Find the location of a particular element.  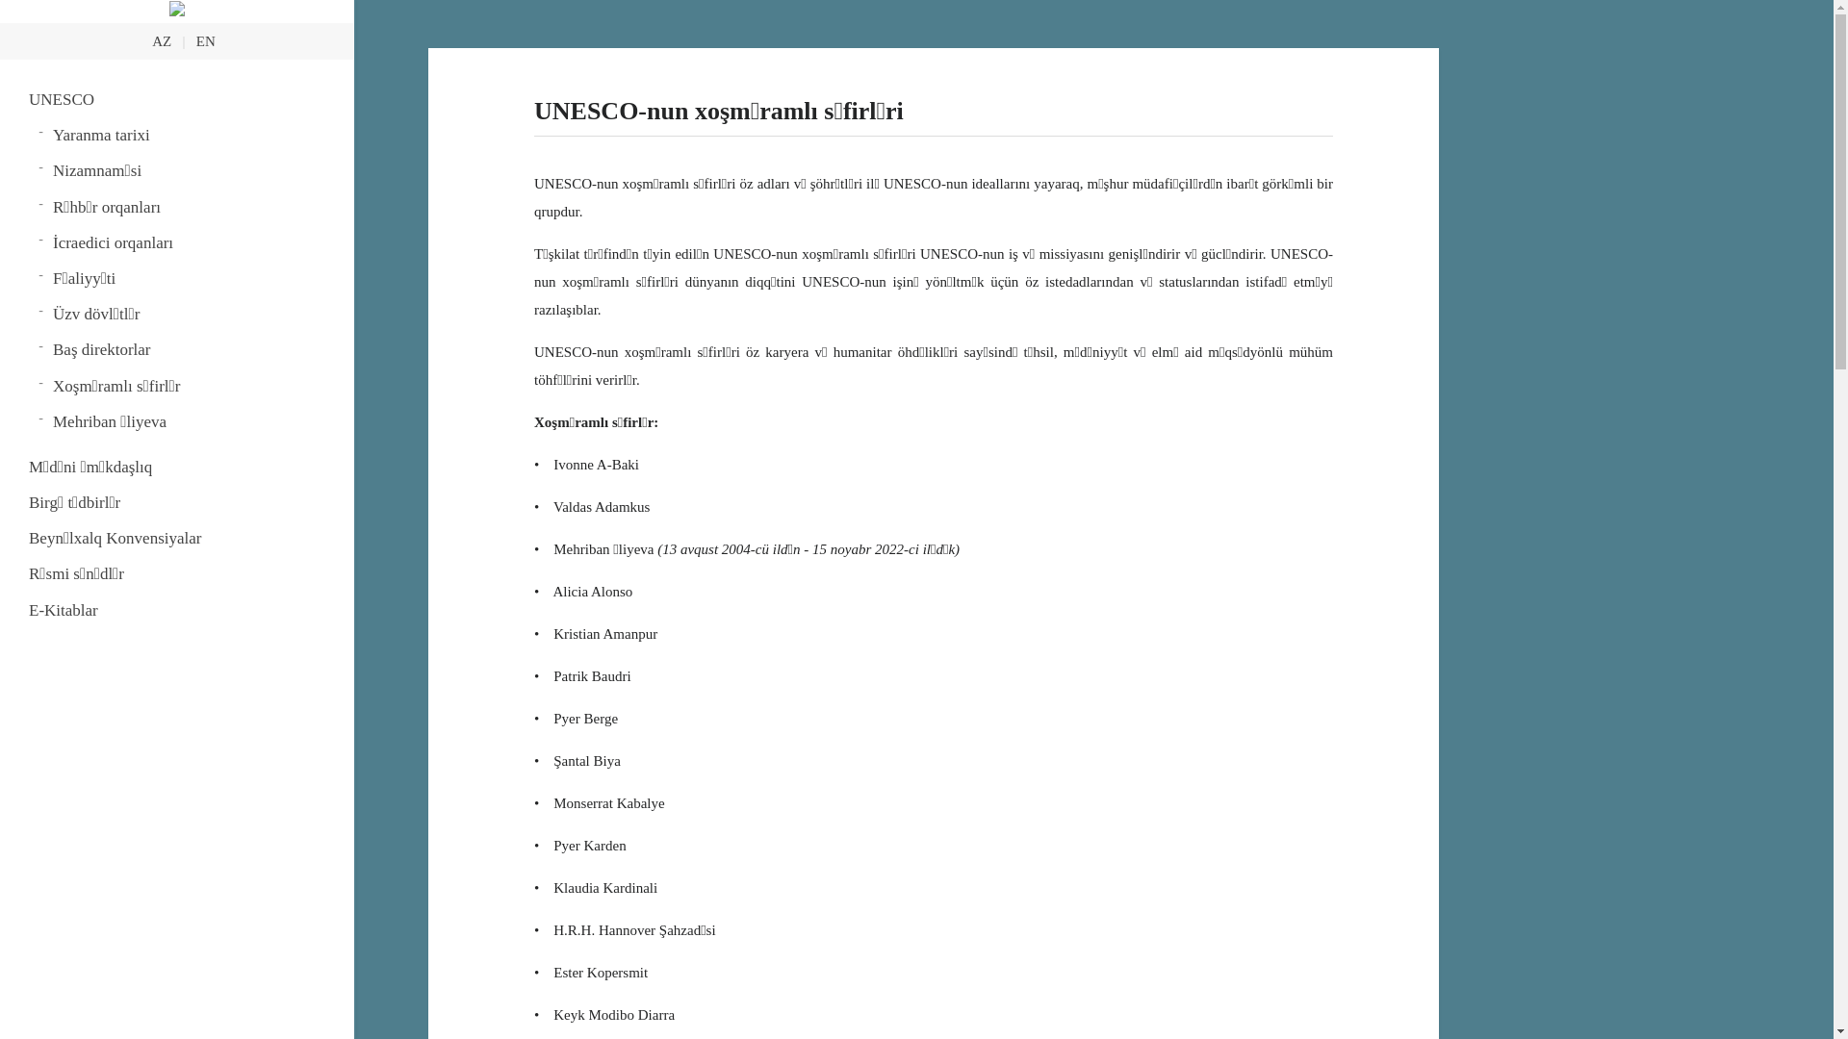

'UNESCO' is located at coordinates (176, 99).